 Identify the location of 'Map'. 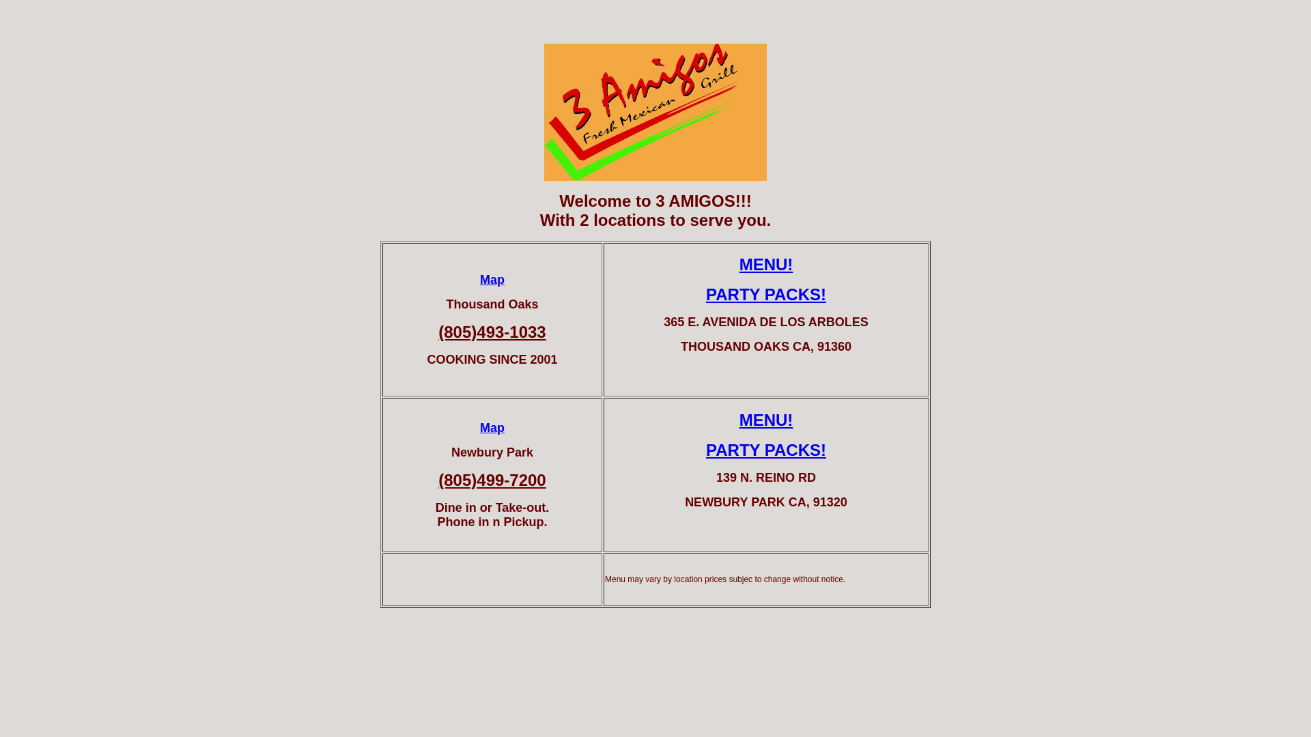
(492, 427).